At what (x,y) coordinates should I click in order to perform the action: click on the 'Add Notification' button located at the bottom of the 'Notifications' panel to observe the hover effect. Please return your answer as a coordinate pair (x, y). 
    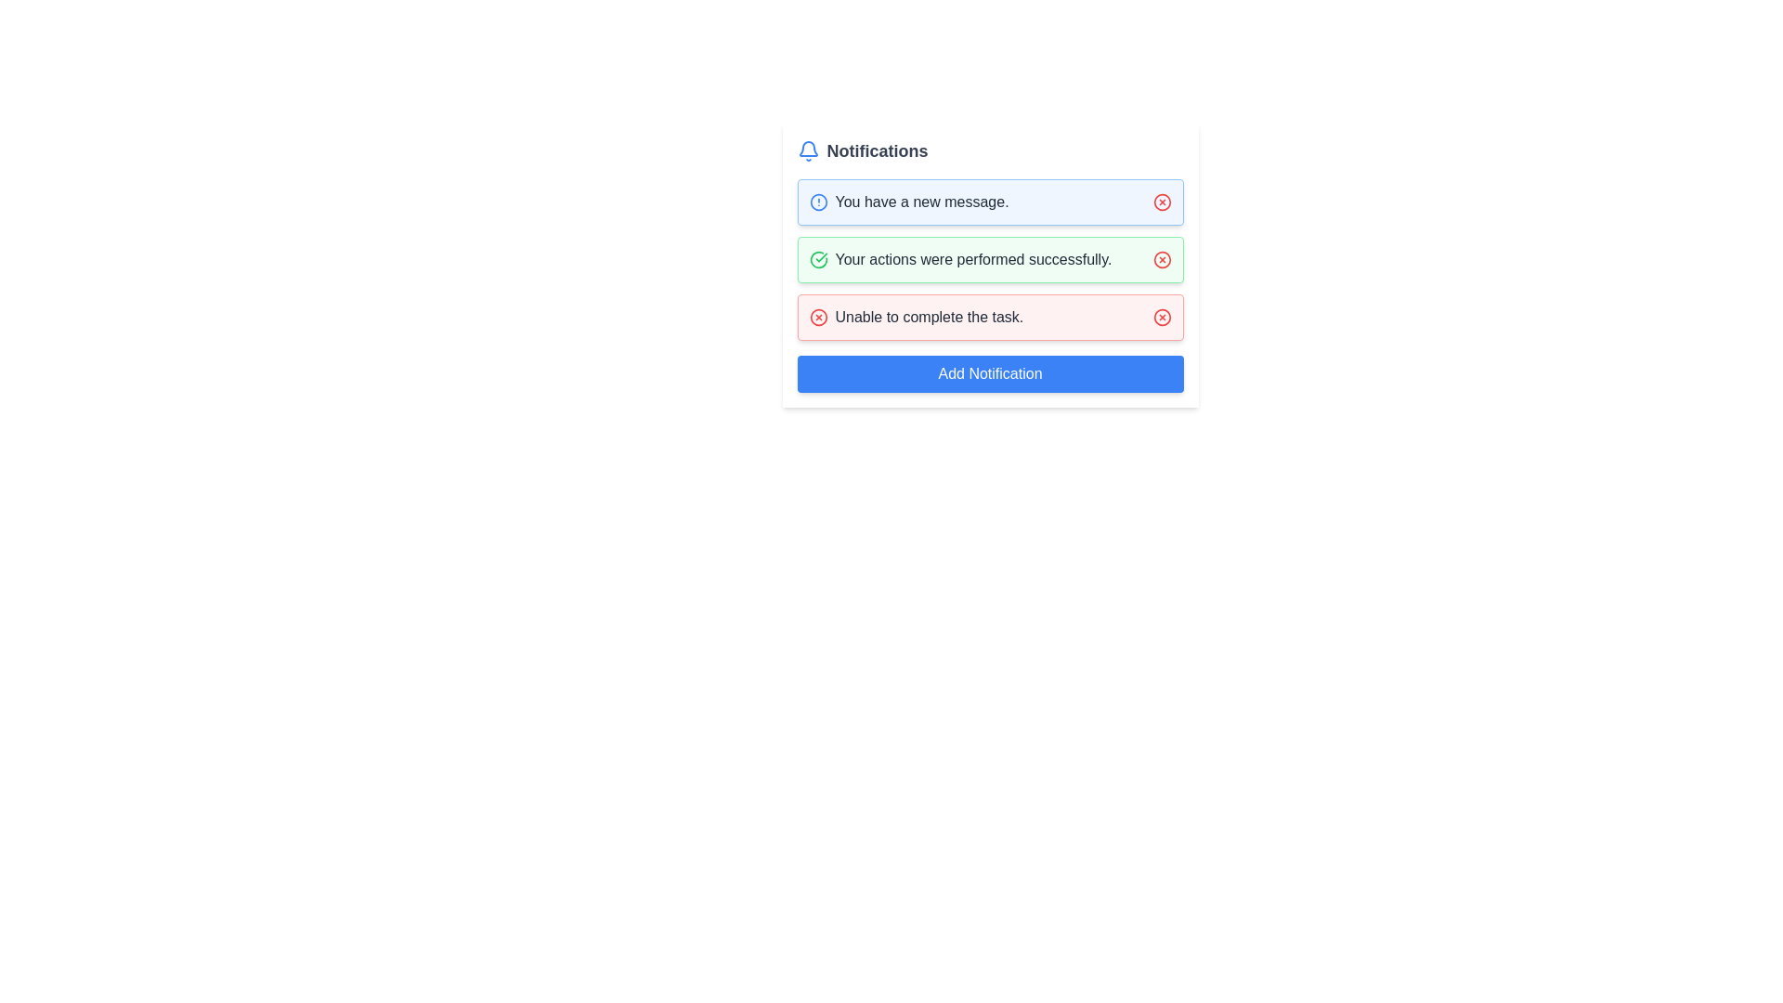
    Looking at the image, I should click on (989, 373).